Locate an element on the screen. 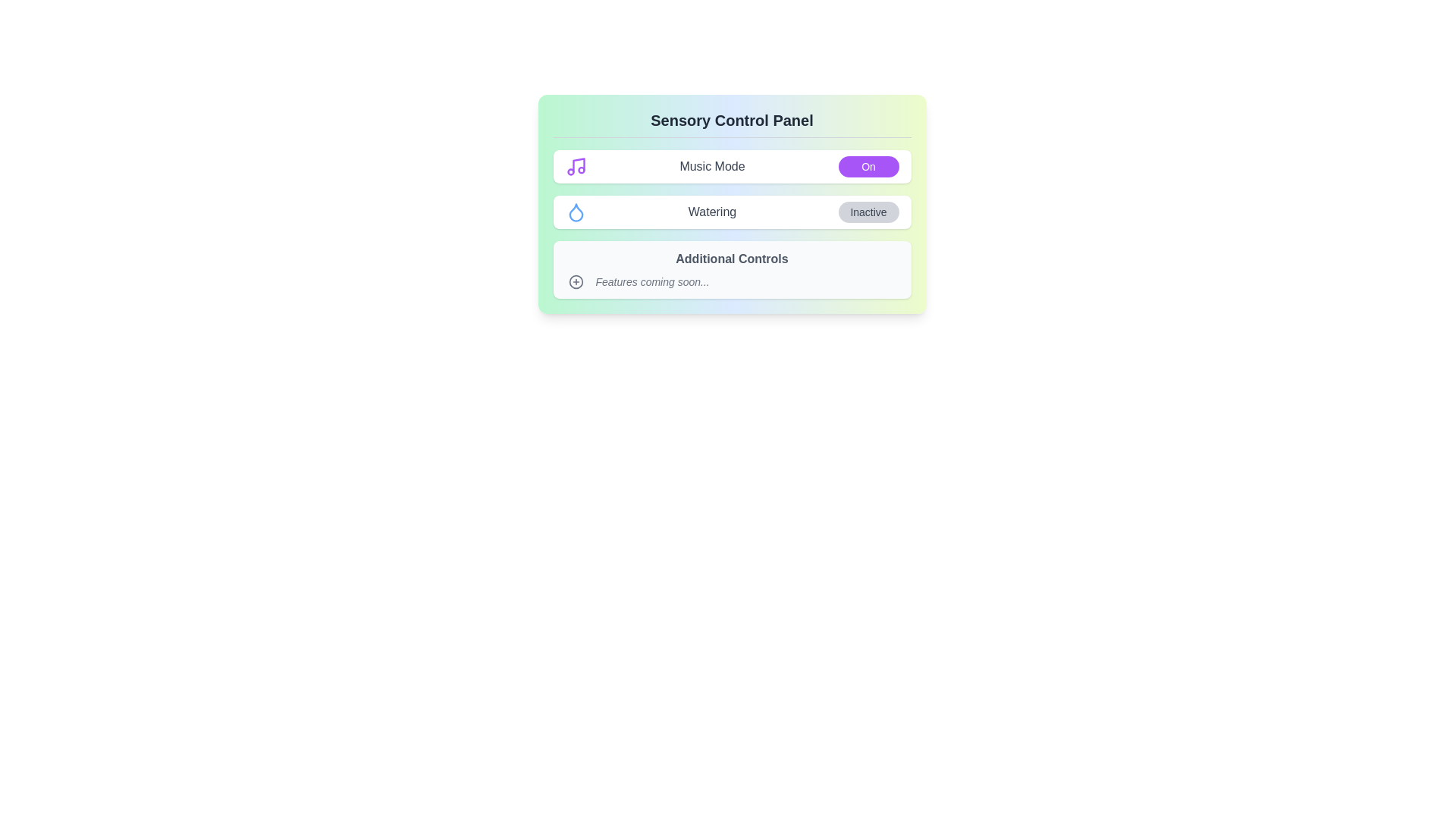 Image resolution: width=1456 pixels, height=819 pixels. the 'Music Mode' label, which is a medium-weight gray text label located at the top of the Sensory Control Panel, centered between a music icon and an 'On' toggle button is located at coordinates (711, 166).